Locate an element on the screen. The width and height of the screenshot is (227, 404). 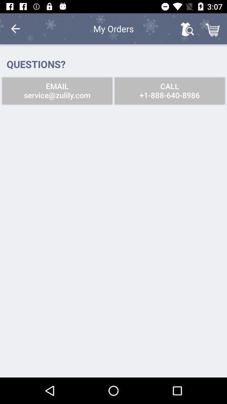
item to the right of the my orders item is located at coordinates (187, 29).